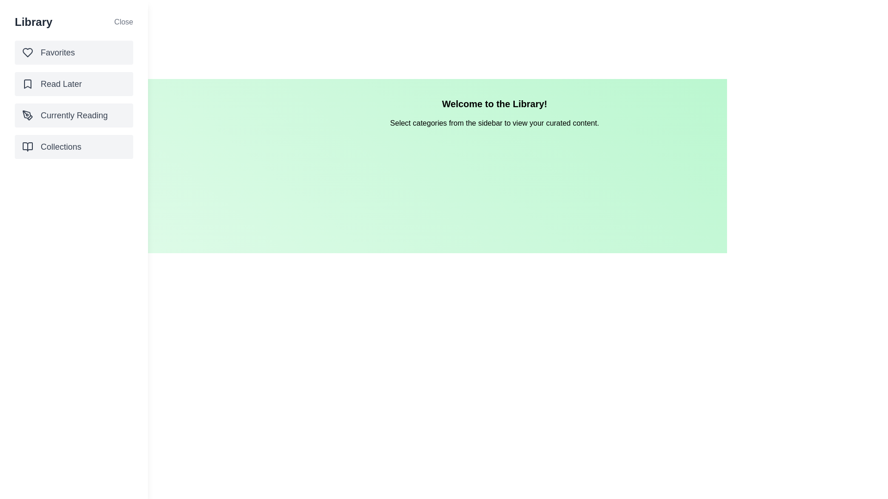 Image resolution: width=888 pixels, height=499 pixels. What do you see at coordinates (73, 53) in the screenshot?
I see `the Favorites button in the sidebar` at bounding box center [73, 53].